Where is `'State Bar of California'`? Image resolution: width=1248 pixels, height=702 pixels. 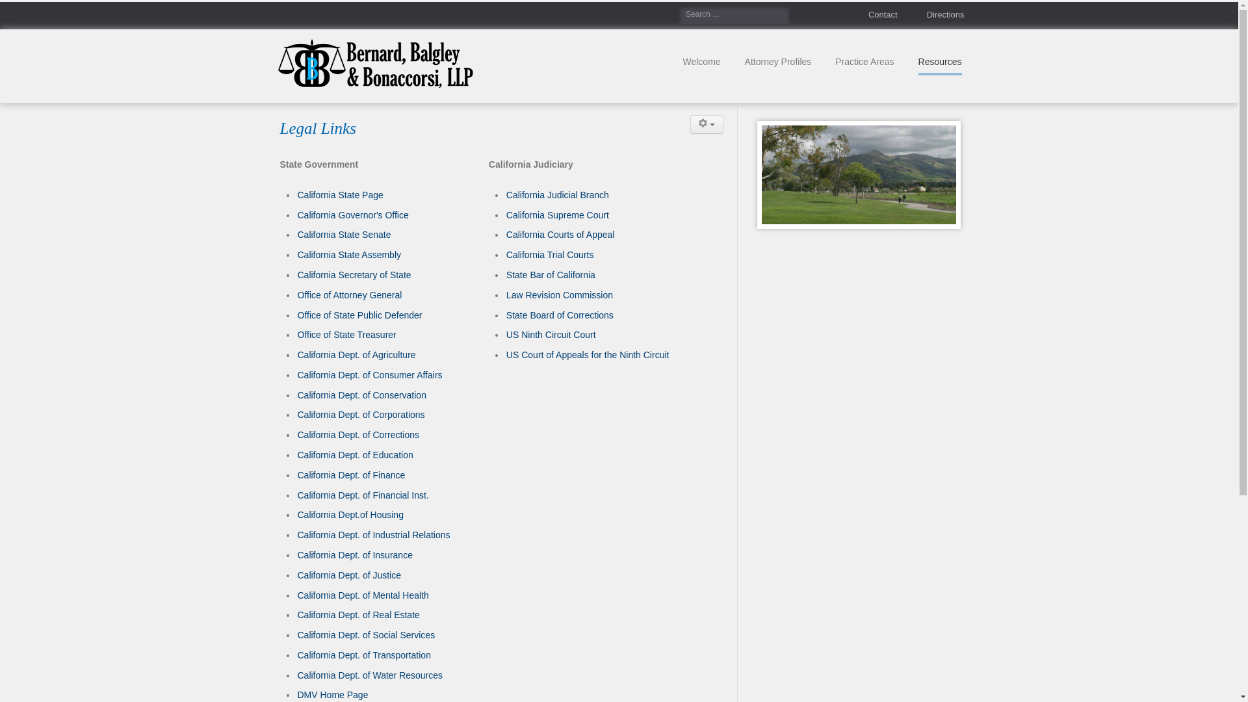
'State Bar of California' is located at coordinates (505, 274).